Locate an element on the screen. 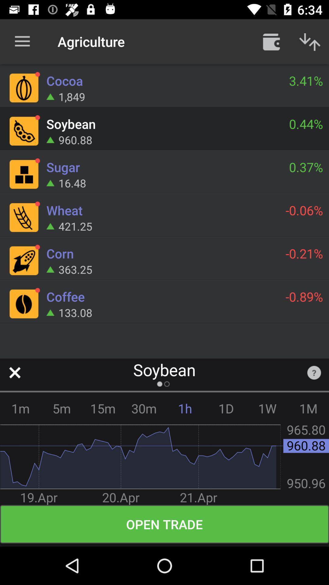  the icon to the right of 1d is located at coordinates (267, 408).